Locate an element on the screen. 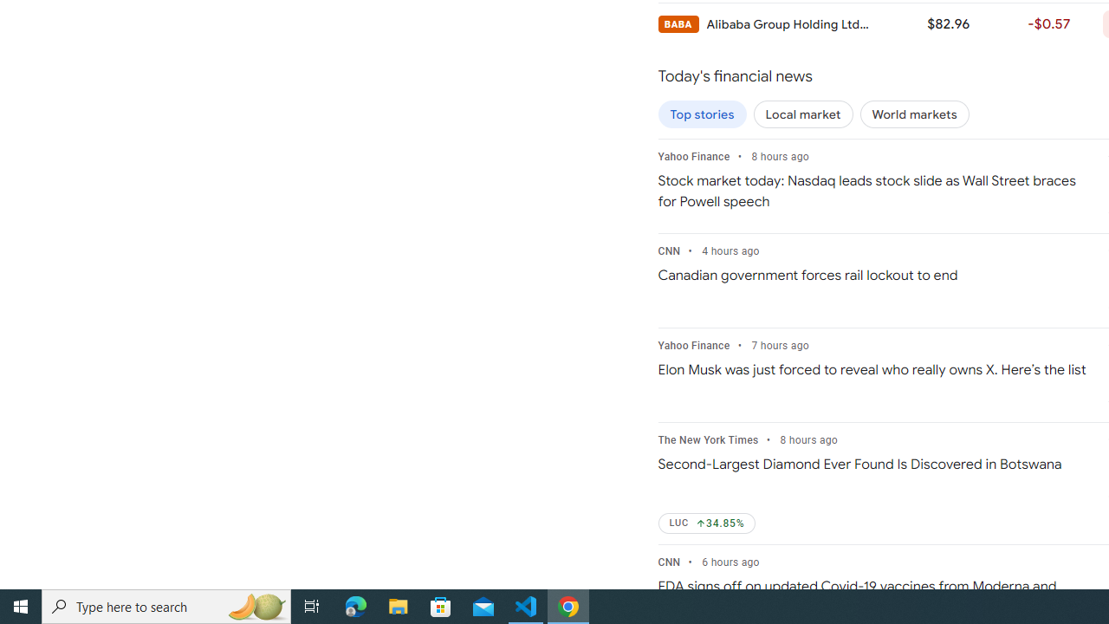 This screenshot has height=624, width=1109. 'World markets' is located at coordinates (913, 114).